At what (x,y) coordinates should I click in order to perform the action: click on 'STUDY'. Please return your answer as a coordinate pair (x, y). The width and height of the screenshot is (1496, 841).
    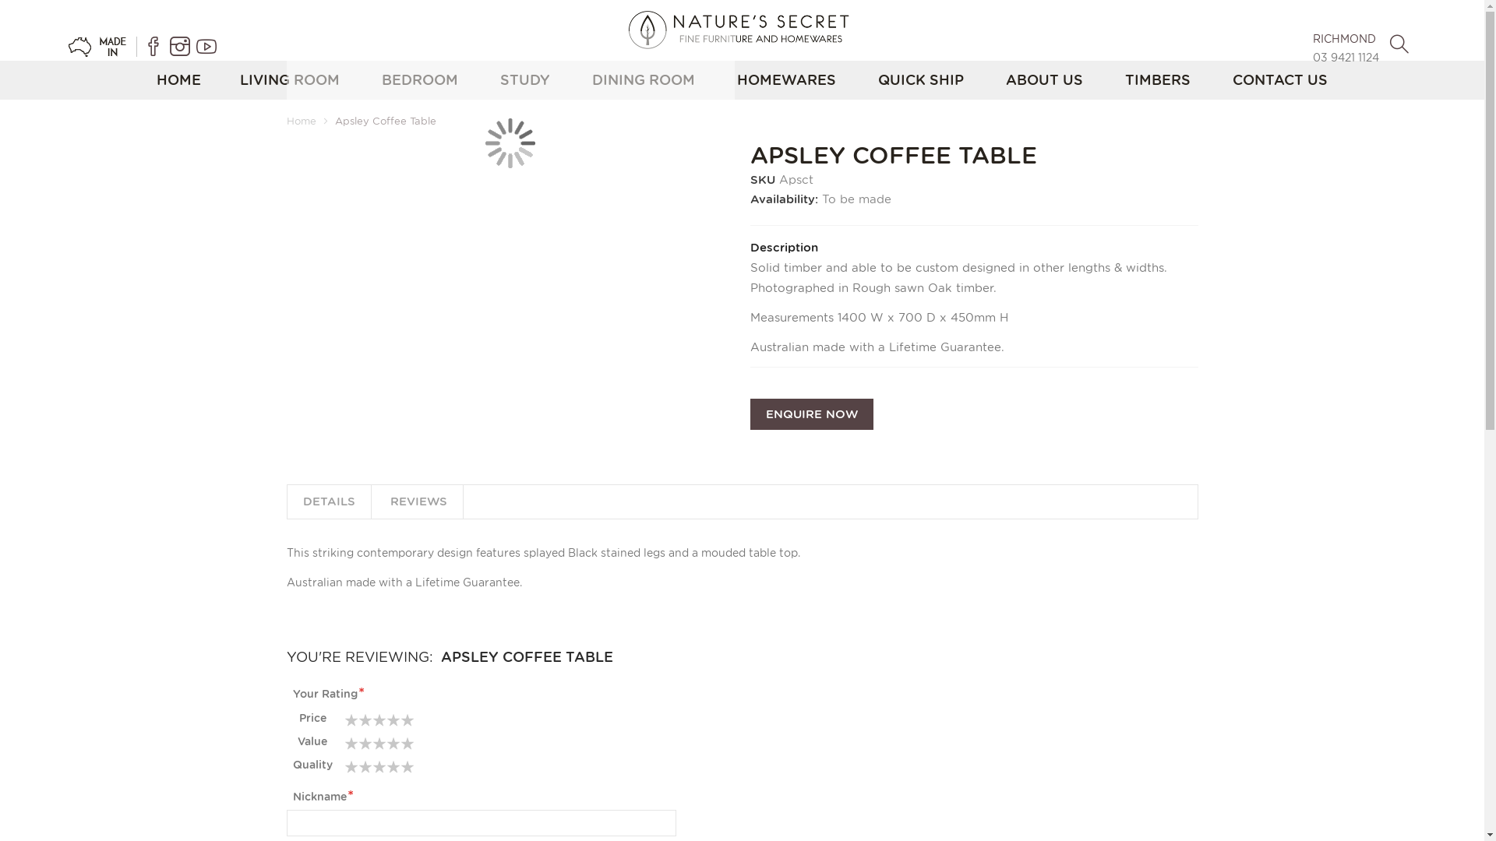
    Looking at the image, I should click on (524, 80).